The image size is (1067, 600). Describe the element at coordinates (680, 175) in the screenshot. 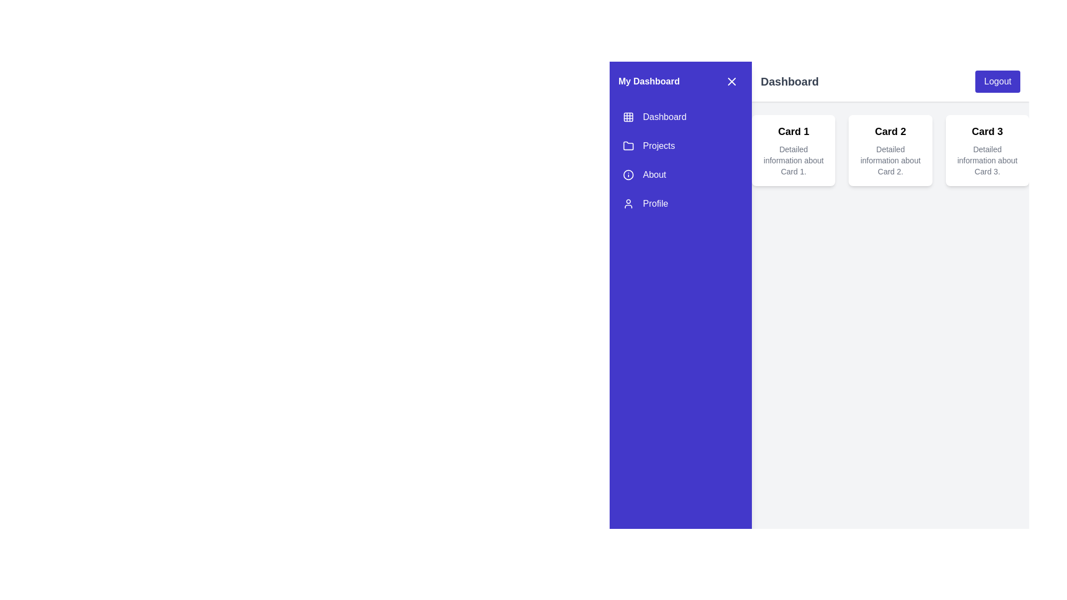

I see `the 'About' button in the vertical navigation menu to change its background color` at that location.